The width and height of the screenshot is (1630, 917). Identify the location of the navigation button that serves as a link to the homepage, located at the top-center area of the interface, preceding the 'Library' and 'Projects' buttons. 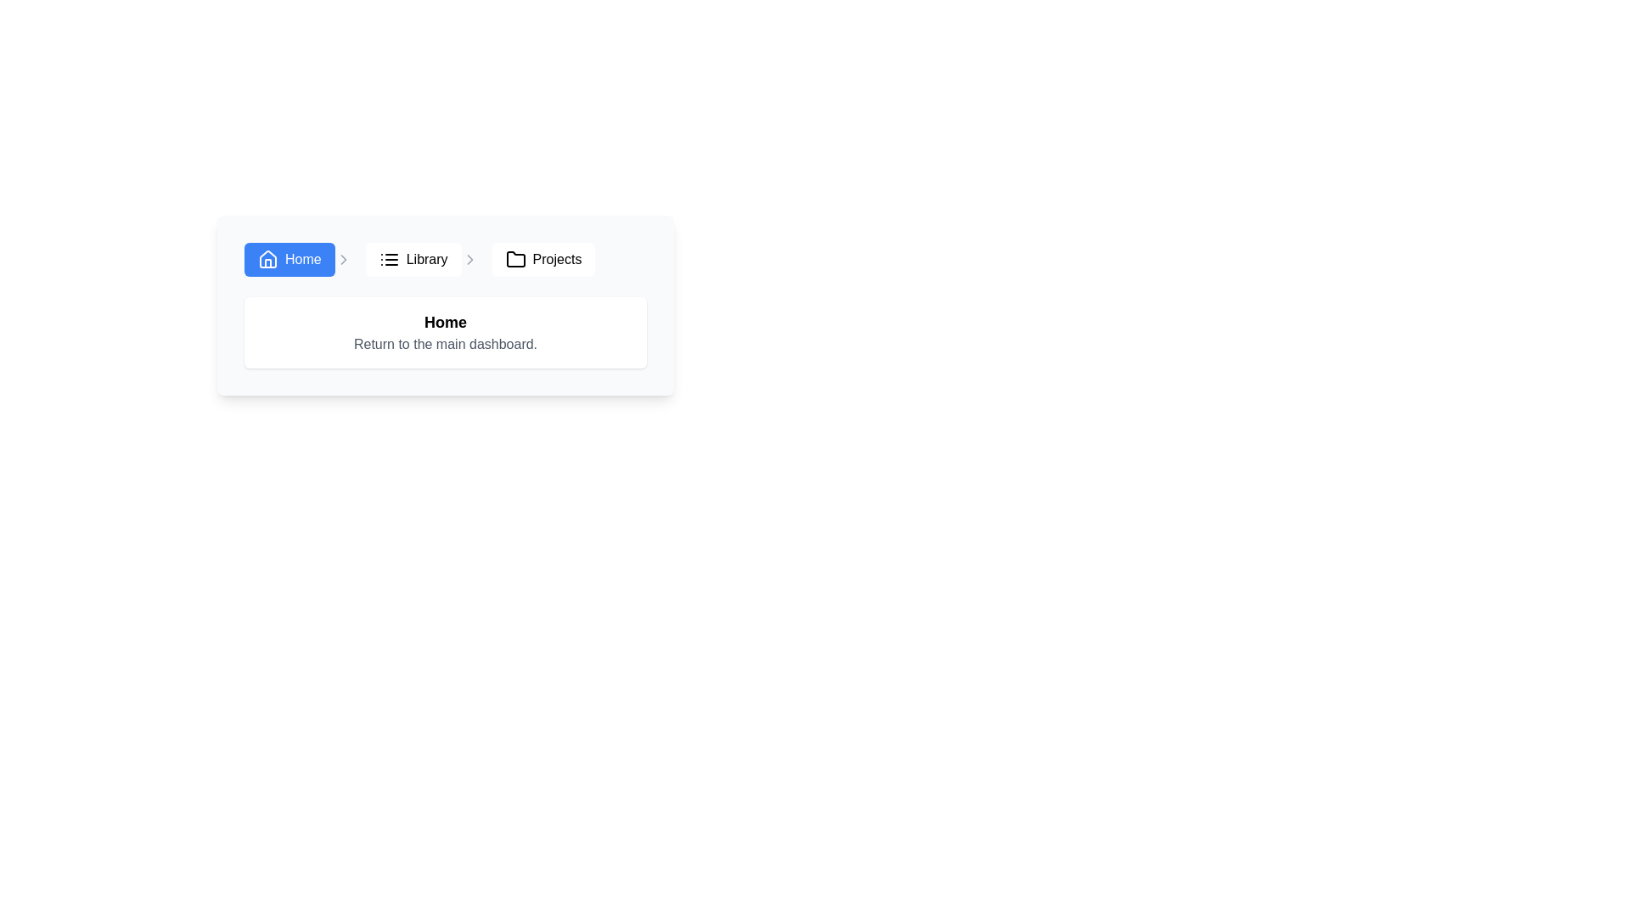
(289, 259).